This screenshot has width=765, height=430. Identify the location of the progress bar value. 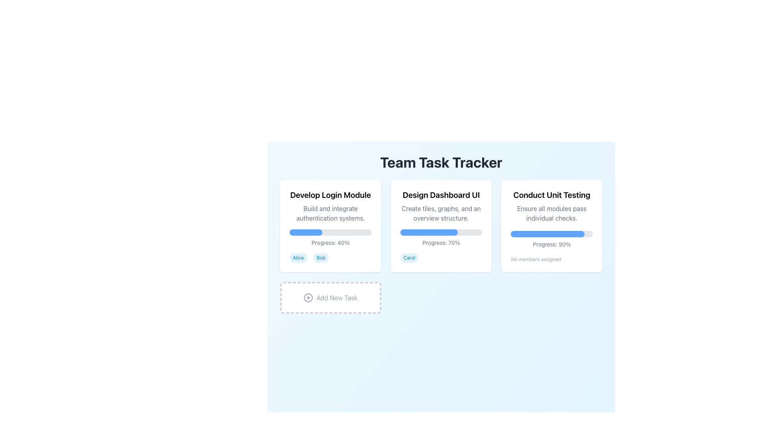
(322, 232).